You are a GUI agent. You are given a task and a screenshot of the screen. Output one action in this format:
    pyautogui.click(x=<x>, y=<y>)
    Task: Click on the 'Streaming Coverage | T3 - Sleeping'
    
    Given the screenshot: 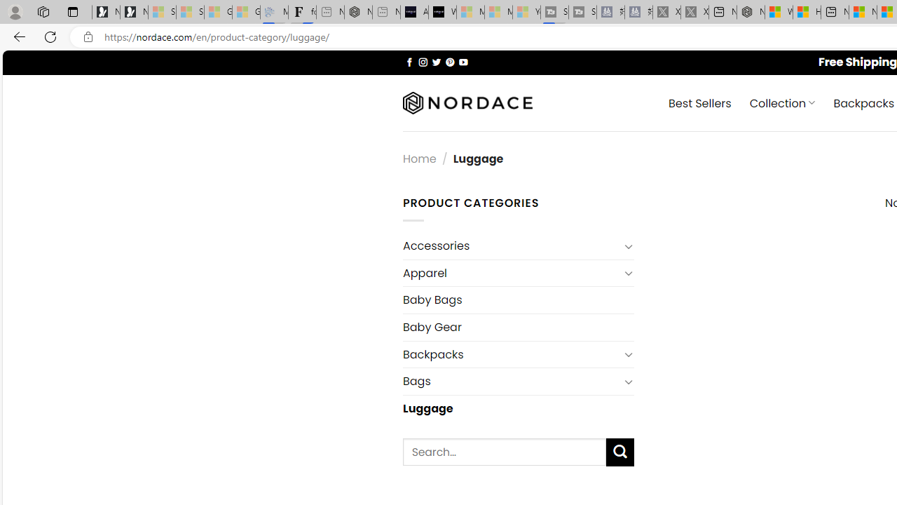 What is the action you would take?
    pyautogui.click(x=554, y=12)
    